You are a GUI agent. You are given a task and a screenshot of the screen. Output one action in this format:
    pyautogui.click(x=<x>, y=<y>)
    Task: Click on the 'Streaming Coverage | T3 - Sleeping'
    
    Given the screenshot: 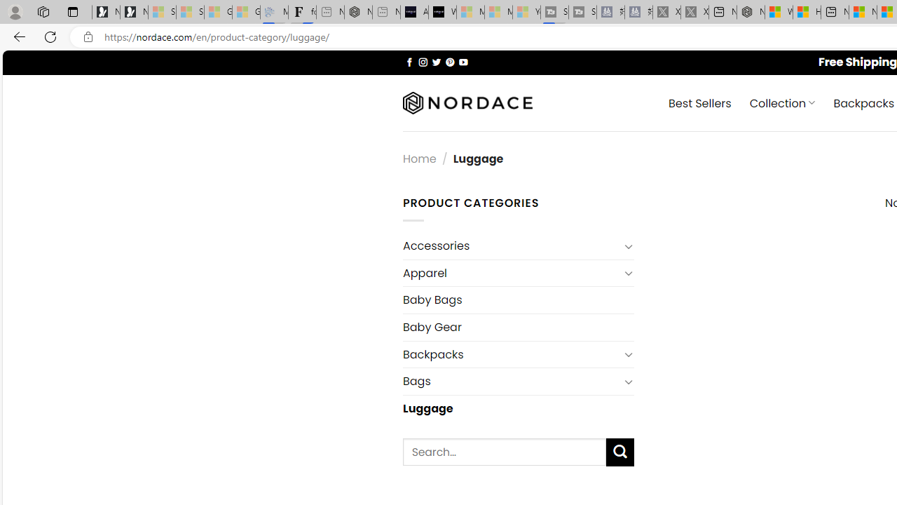 What is the action you would take?
    pyautogui.click(x=554, y=12)
    